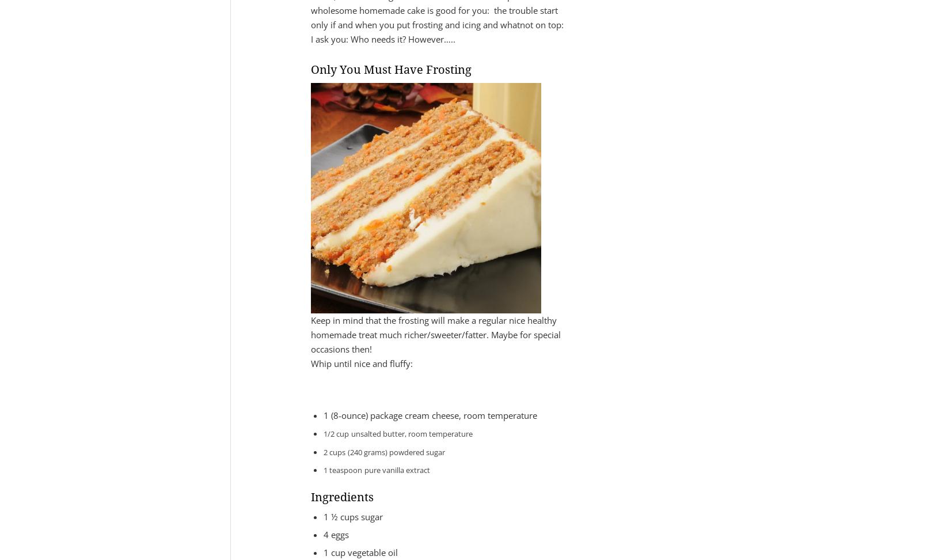 This screenshot has height=560, width=950. Describe the element at coordinates (352, 516) in the screenshot. I see `'1 ½ cups sugar'` at that location.